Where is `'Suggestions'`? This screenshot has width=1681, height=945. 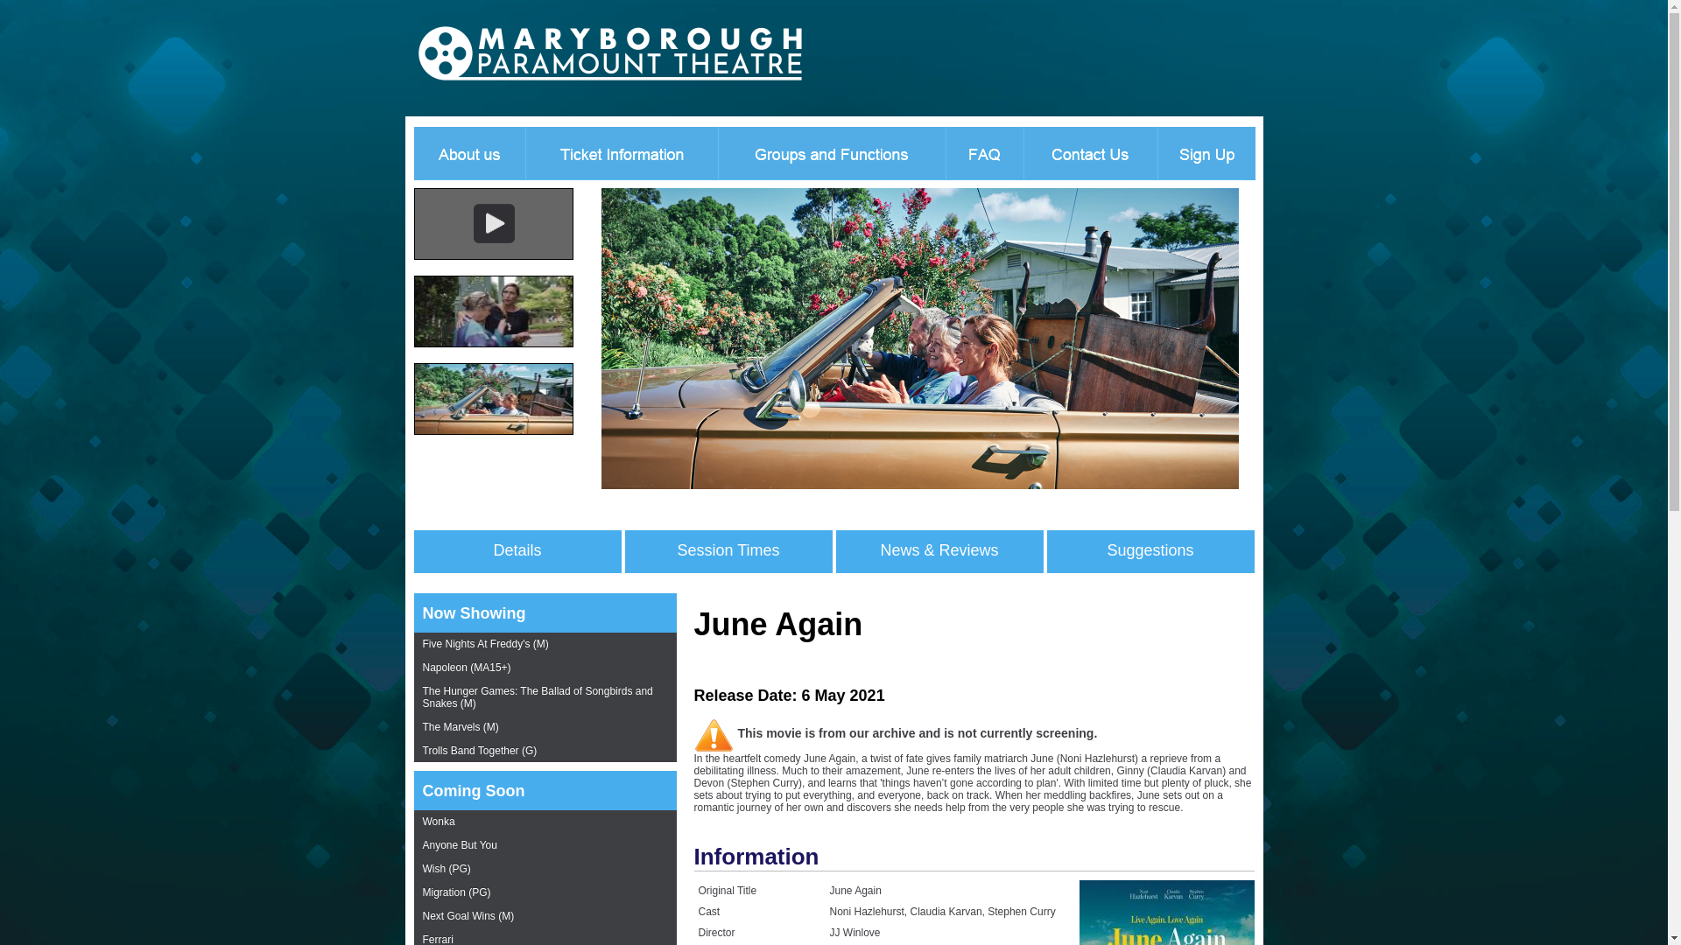
'Suggestions' is located at coordinates (1150, 551).